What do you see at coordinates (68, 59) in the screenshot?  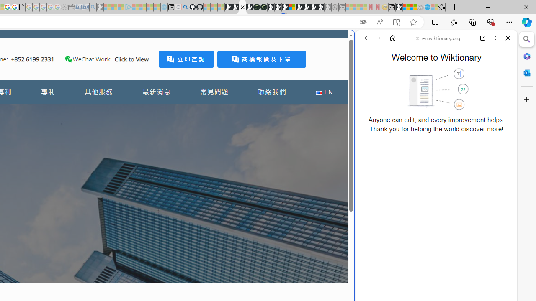 I see `'Class: desktop'` at bounding box center [68, 59].